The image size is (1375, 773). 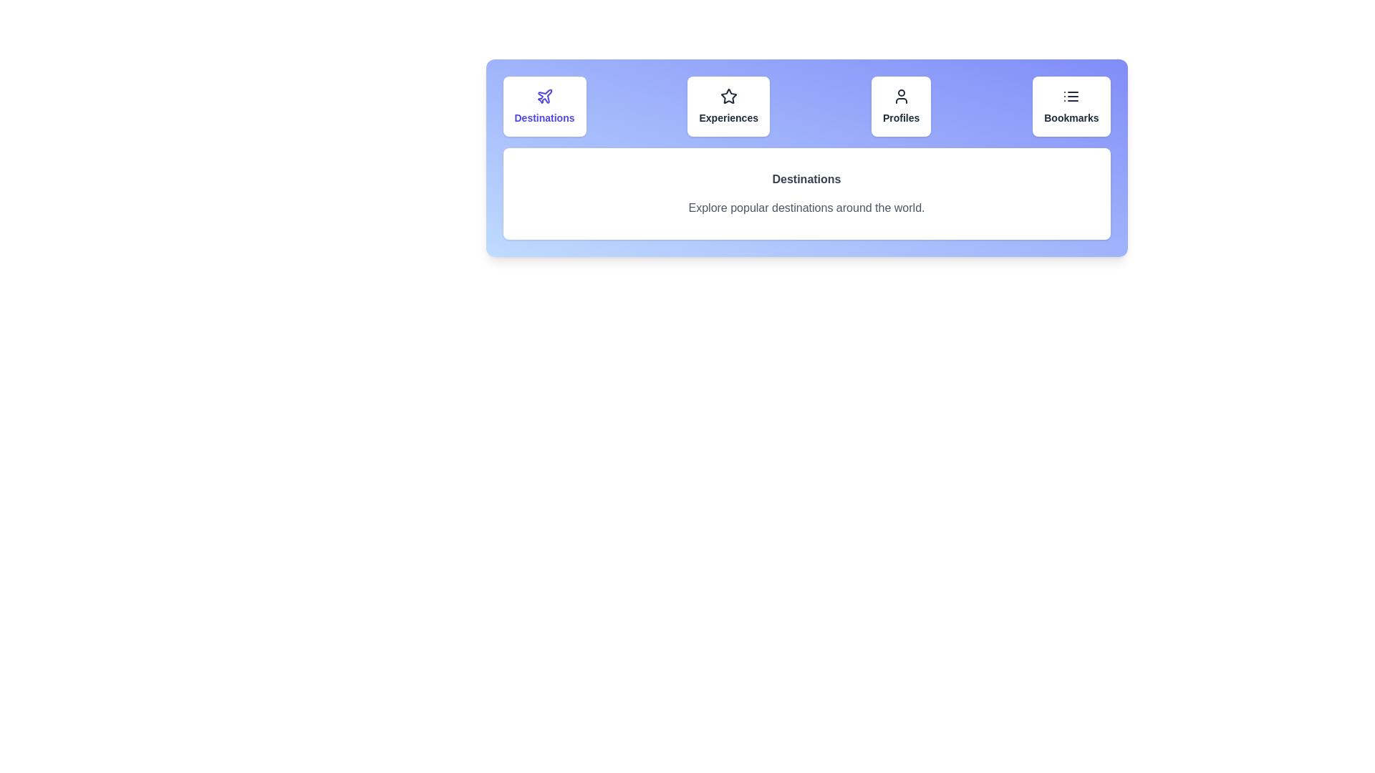 I want to click on the text 'Explore popular destinations around the world.' displayed in the active tab, so click(x=806, y=208).